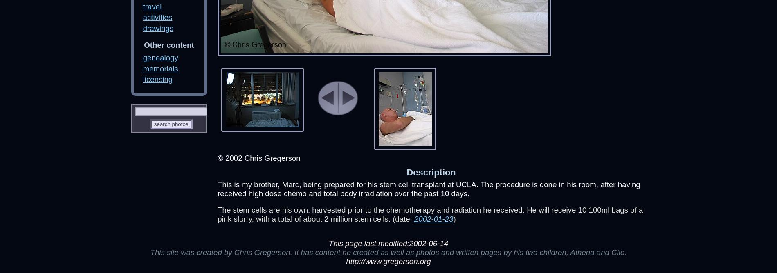 This screenshot has width=777, height=273. What do you see at coordinates (142, 79) in the screenshot?
I see `'licensing'` at bounding box center [142, 79].